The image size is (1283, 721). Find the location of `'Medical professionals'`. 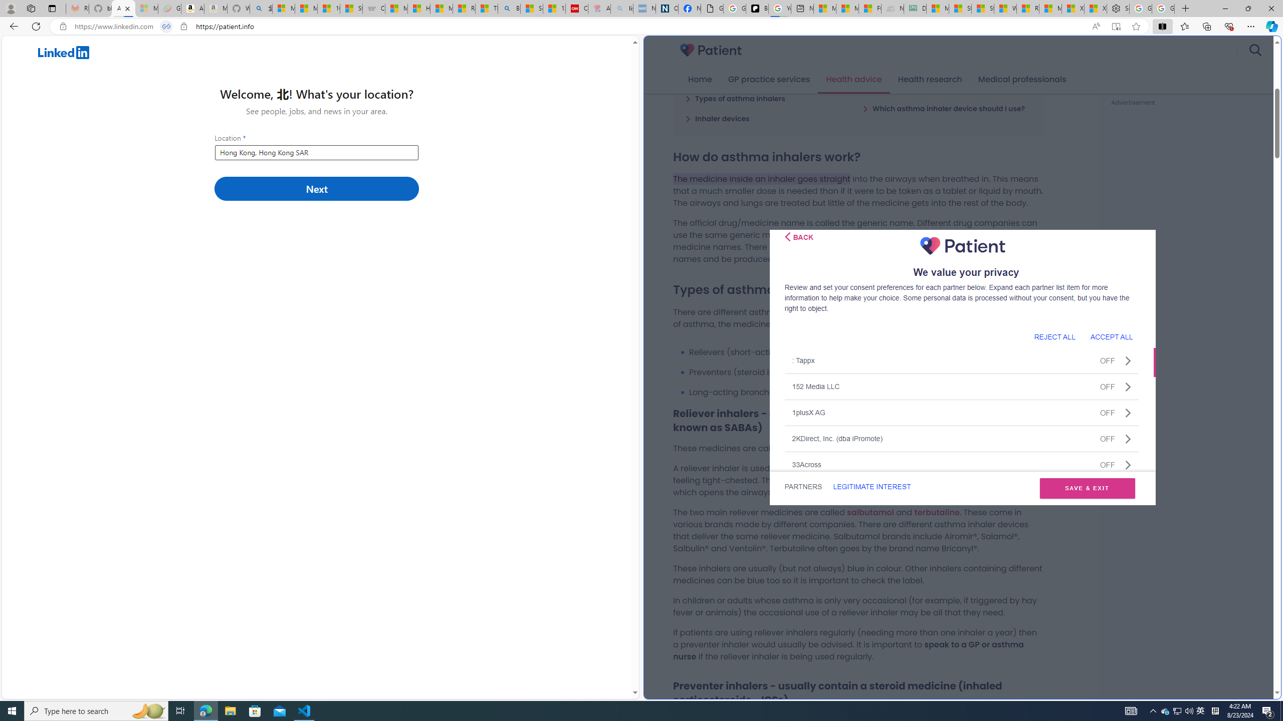

'Medical professionals' is located at coordinates (1022, 79).